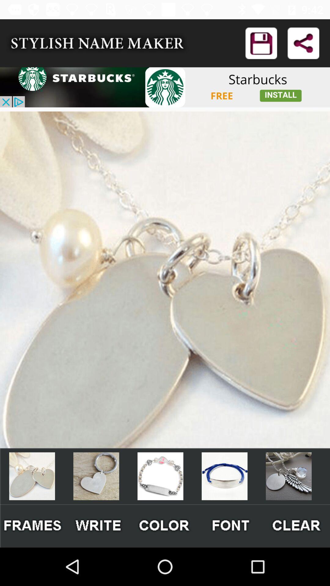 This screenshot has width=330, height=586. Describe the element at coordinates (98, 526) in the screenshot. I see `write a message` at that location.